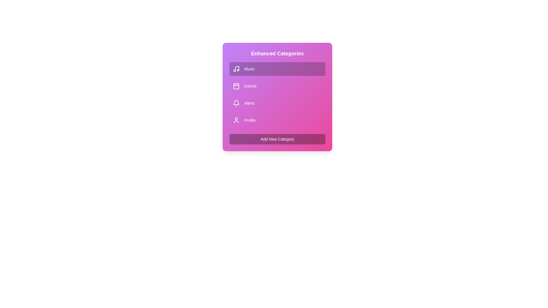  What do you see at coordinates (277, 139) in the screenshot?
I see `the 'Add New Category' button` at bounding box center [277, 139].